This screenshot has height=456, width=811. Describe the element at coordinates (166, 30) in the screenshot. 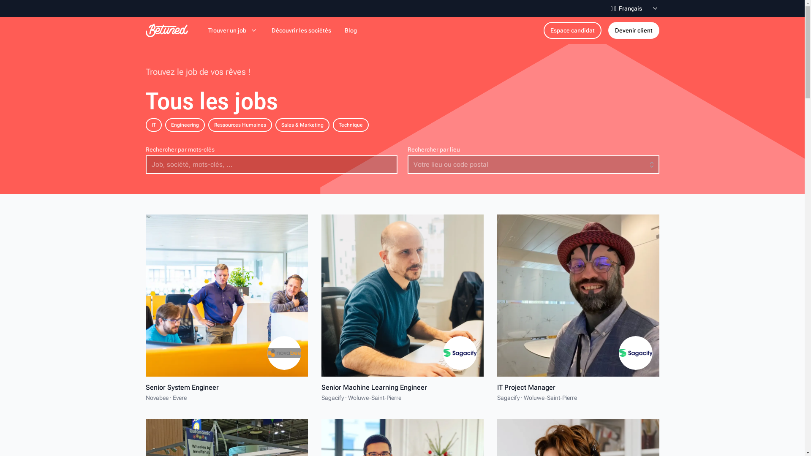

I see `'Betuned'` at that location.